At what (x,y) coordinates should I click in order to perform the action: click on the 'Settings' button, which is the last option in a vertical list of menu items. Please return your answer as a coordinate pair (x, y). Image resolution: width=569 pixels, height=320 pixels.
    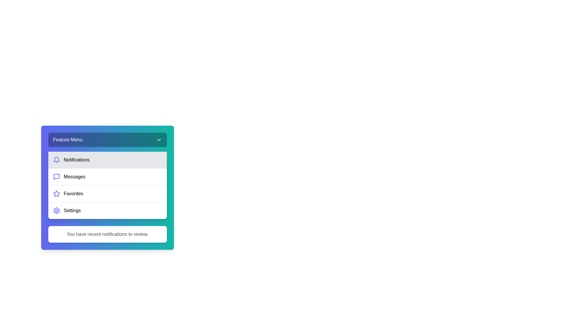
    Looking at the image, I should click on (108, 210).